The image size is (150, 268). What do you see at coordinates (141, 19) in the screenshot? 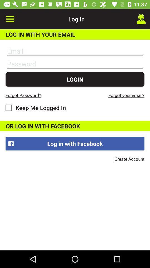
I see `the icon above the log in with icon` at bounding box center [141, 19].